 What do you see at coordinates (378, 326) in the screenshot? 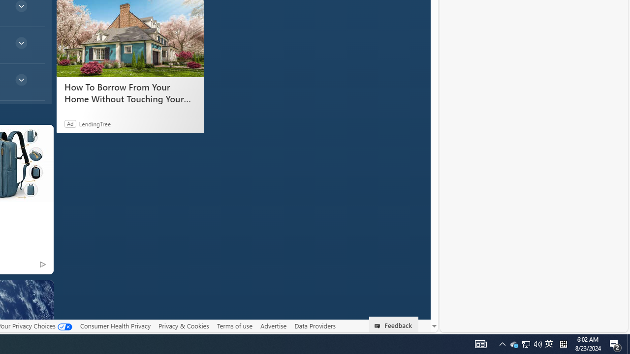
I see `'Class: feedback_link_icon-DS-EntryPoint1-1'` at bounding box center [378, 326].